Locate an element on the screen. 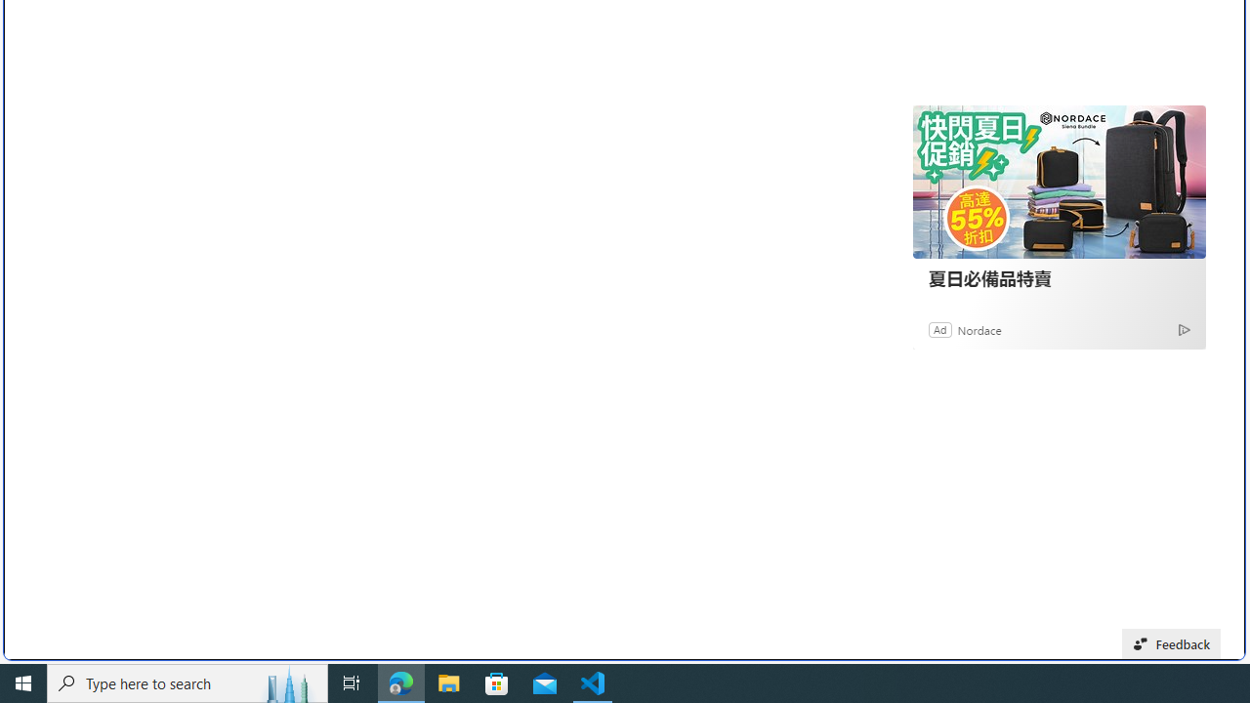  'Ad Choice' is located at coordinates (1183, 328).